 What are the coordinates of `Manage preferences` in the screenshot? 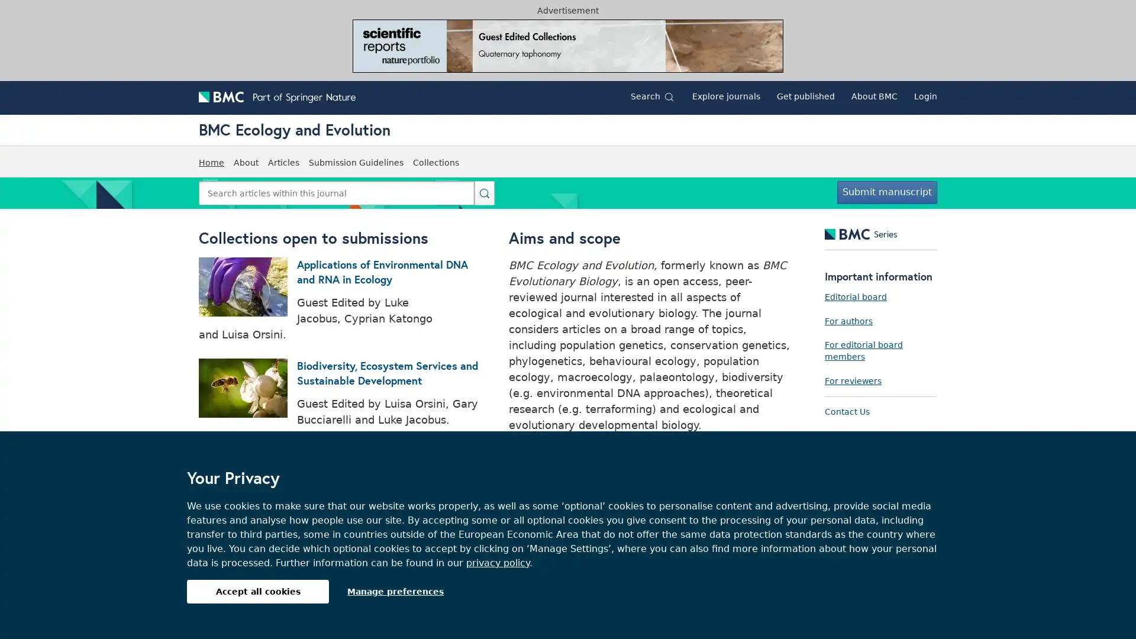 It's located at (395, 591).